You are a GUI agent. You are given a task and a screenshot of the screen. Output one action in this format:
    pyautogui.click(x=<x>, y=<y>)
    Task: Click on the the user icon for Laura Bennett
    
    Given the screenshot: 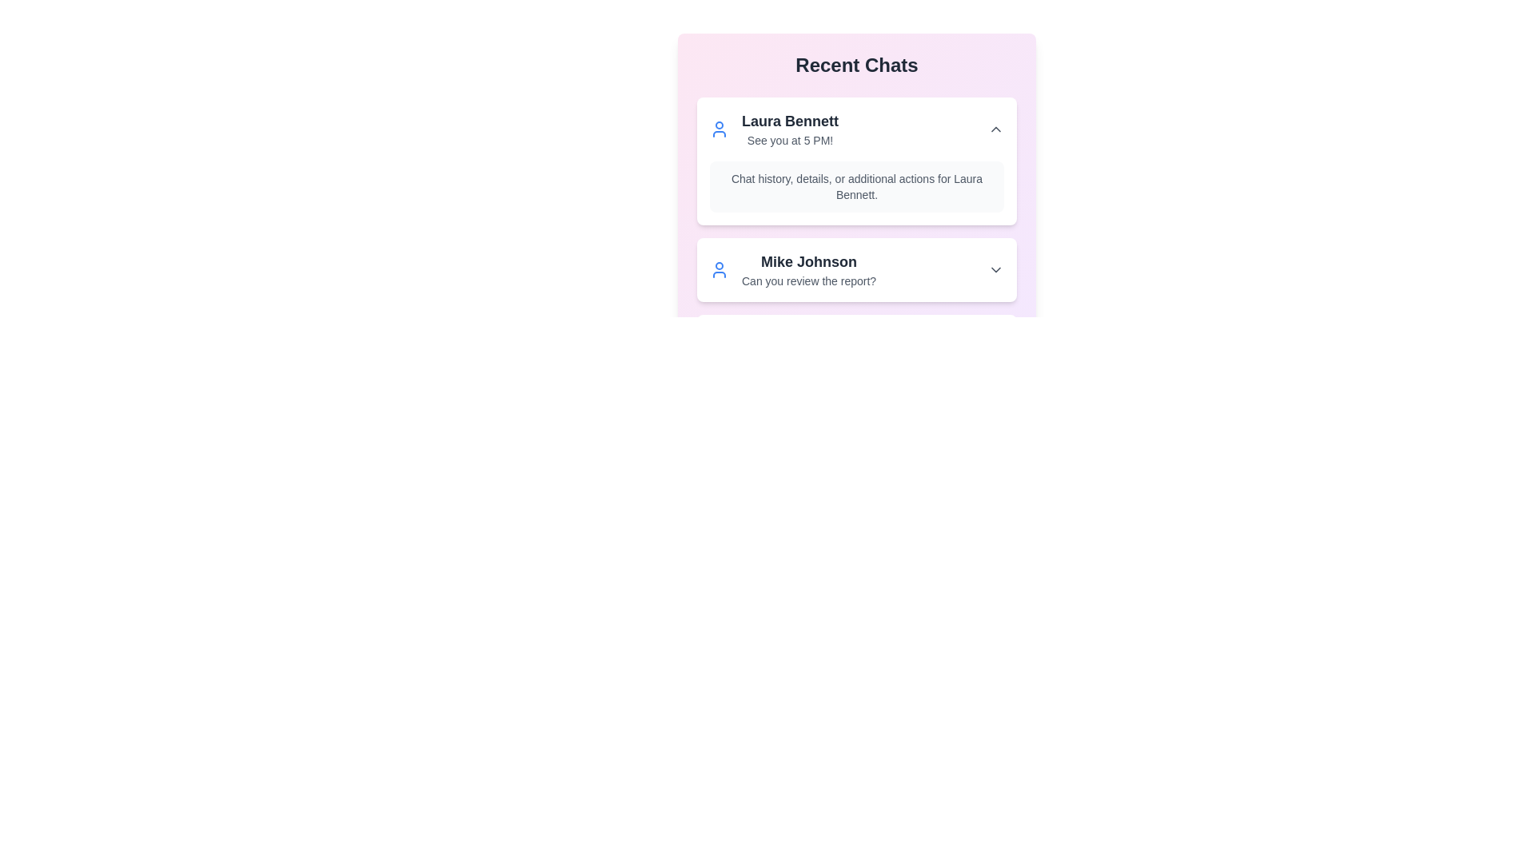 What is the action you would take?
    pyautogui.click(x=719, y=129)
    